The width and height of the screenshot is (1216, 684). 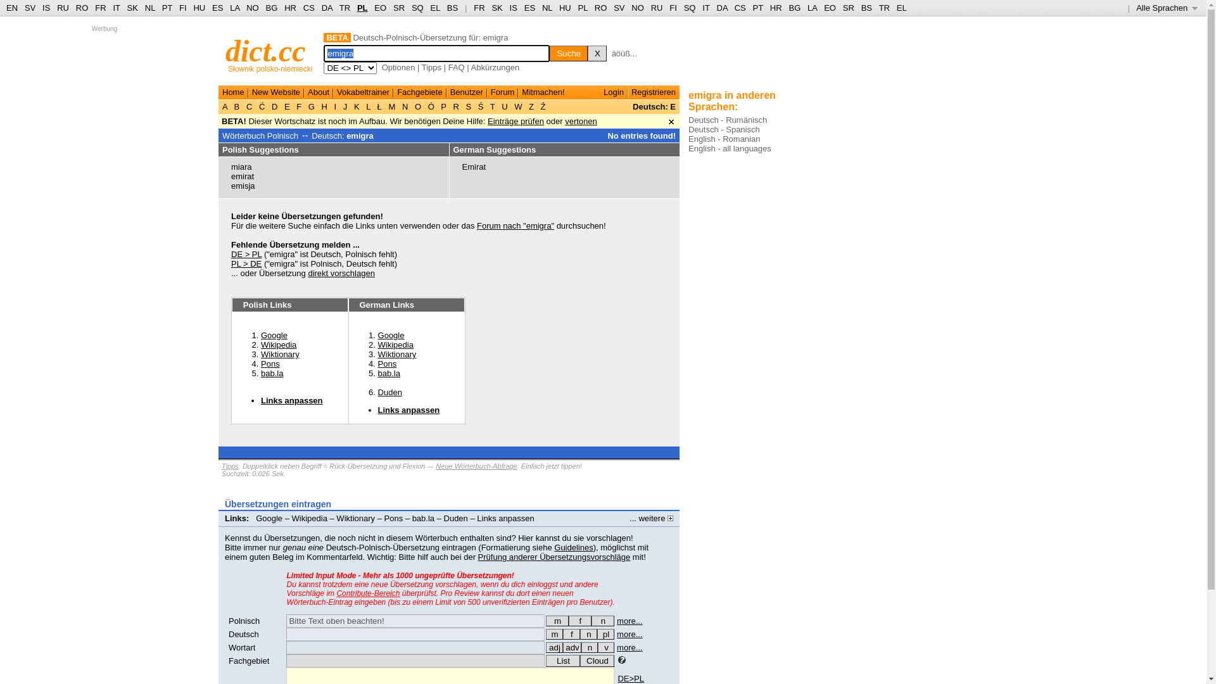 What do you see at coordinates (579, 620) in the screenshot?
I see `'f'` at bounding box center [579, 620].